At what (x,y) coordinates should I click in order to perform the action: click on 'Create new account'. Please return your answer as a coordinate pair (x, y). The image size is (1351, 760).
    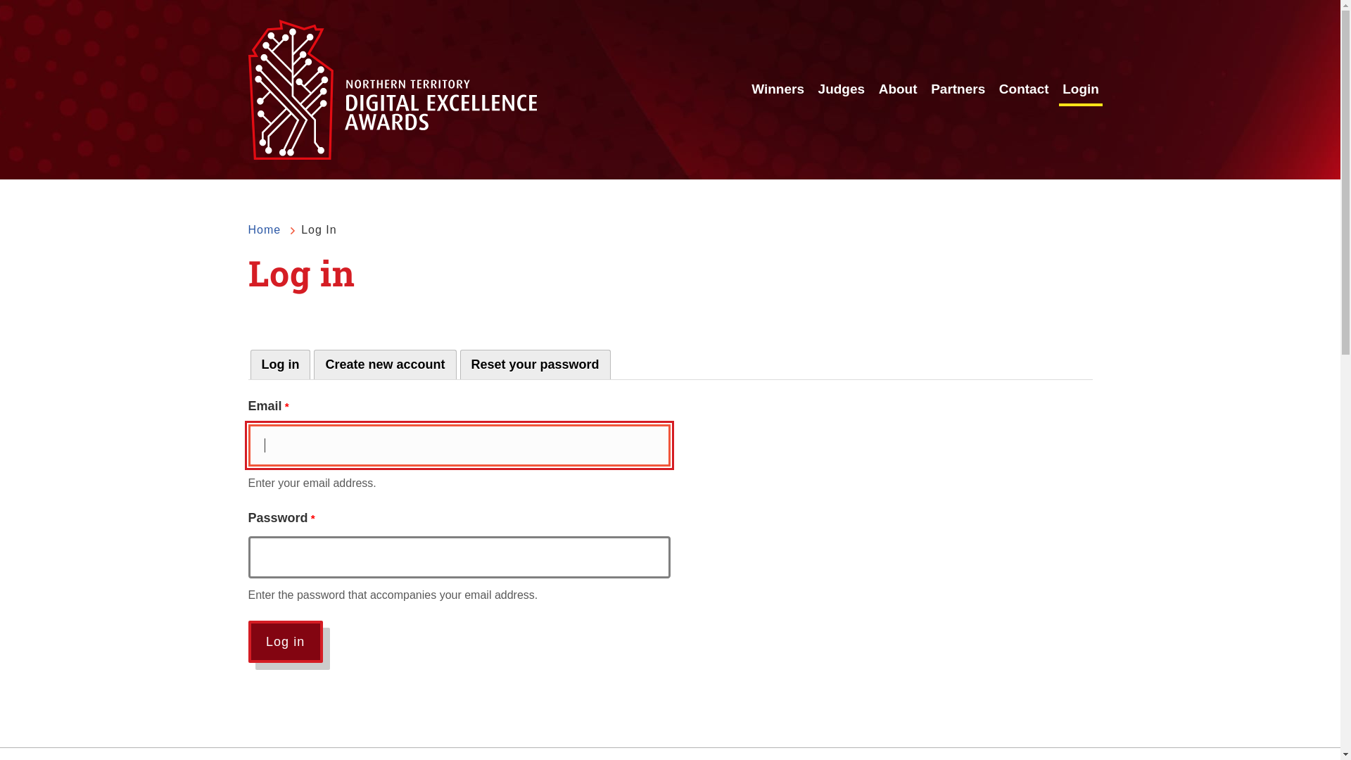
    Looking at the image, I should click on (385, 363).